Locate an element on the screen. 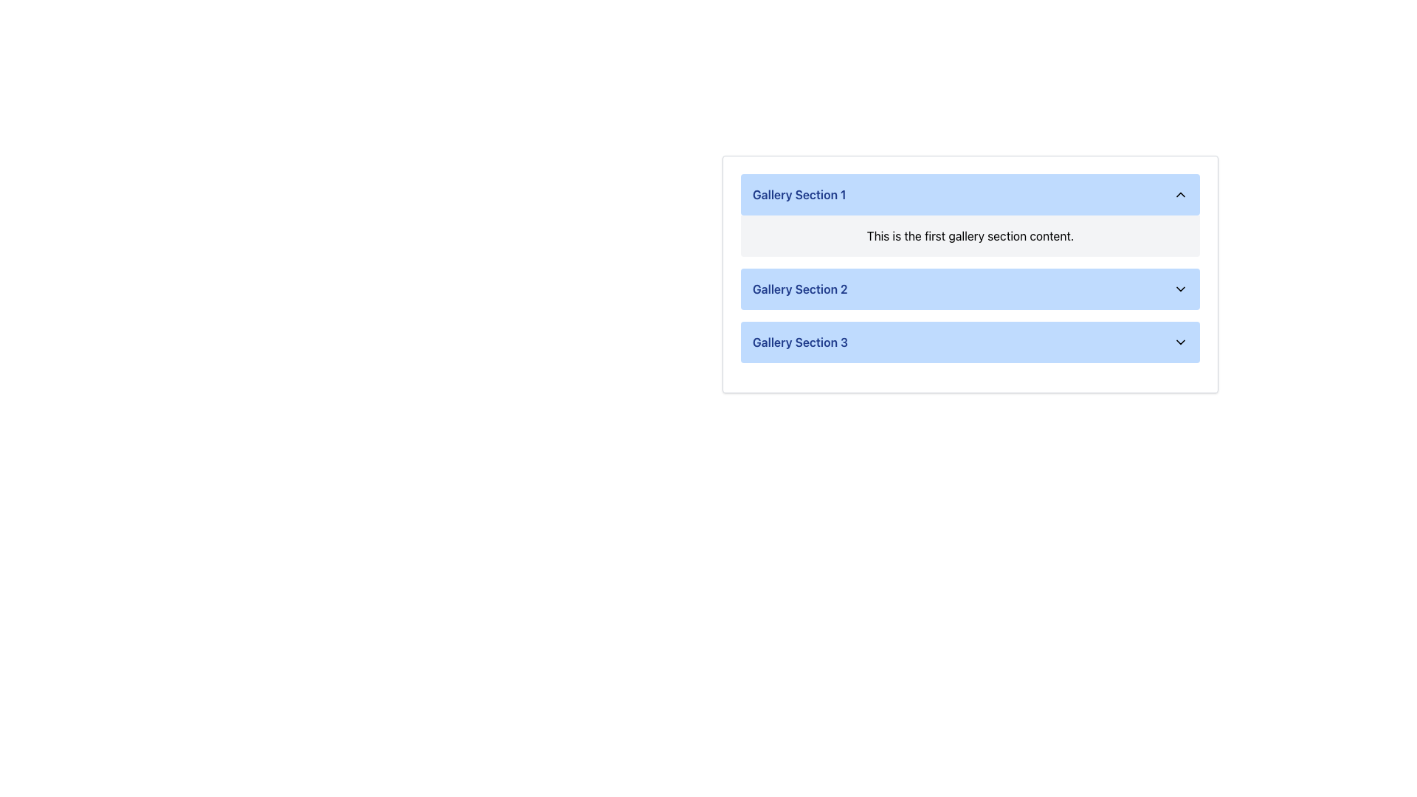  the text label that serves as the title for the third gallery section is located at coordinates (799, 342).